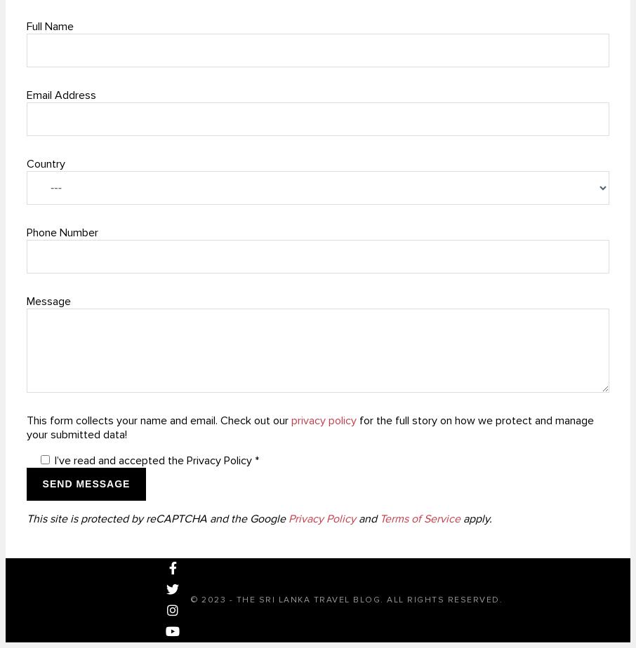 The width and height of the screenshot is (636, 648). What do you see at coordinates (310, 427) in the screenshot?
I see `'for the full story on how we protect and manage your submitted data!'` at bounding box center [310, 427].